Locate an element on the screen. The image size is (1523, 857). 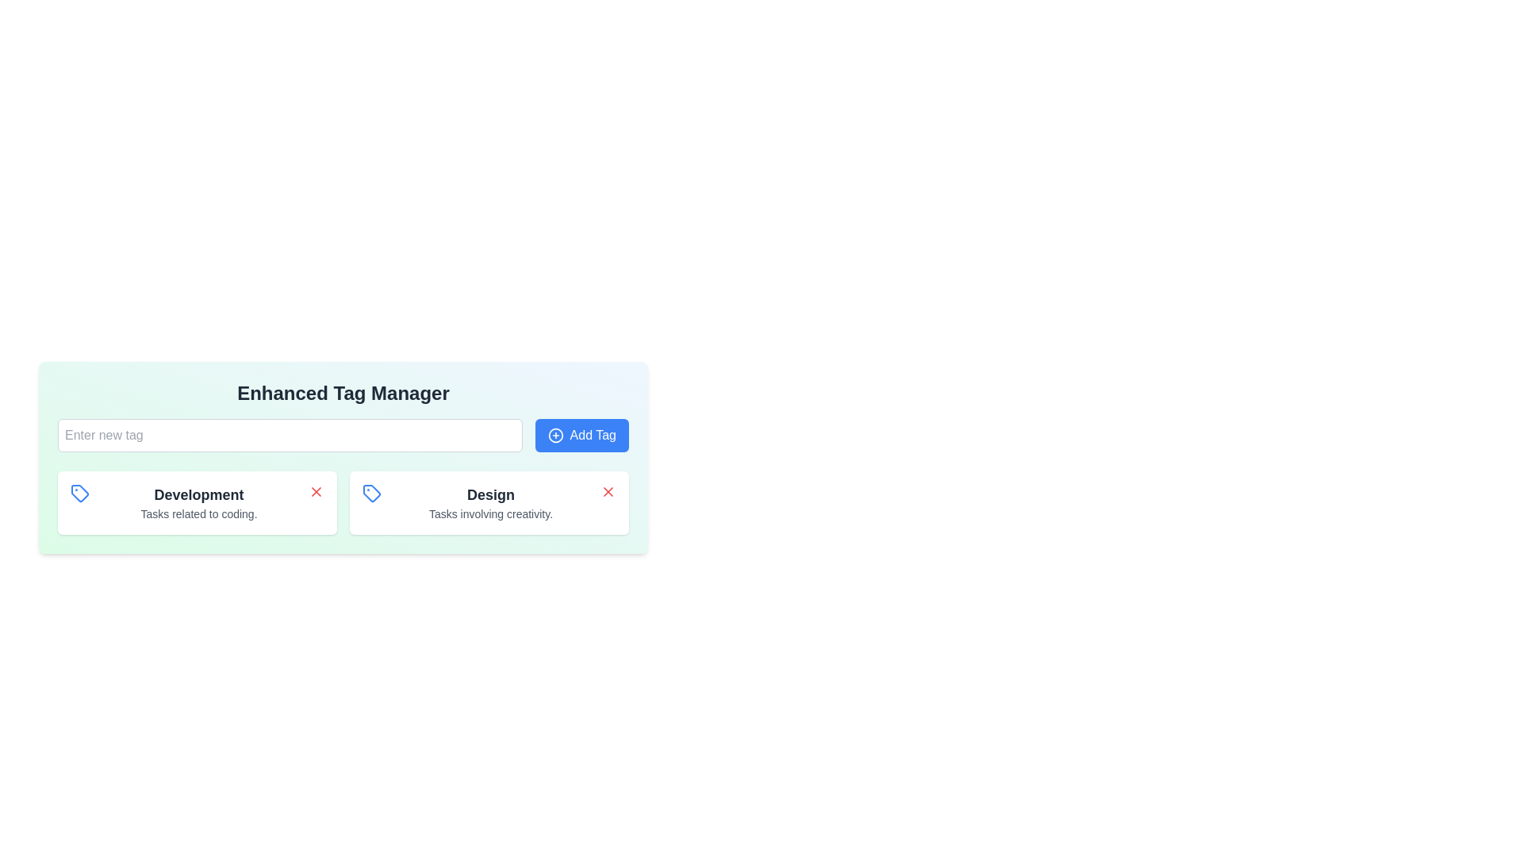
the uppermost vector graphic element that resembles a tag shape with rounded edges, located within the 'Design' tag in the Enhanced Tag Manager interface is located at coordinates (79, 492).